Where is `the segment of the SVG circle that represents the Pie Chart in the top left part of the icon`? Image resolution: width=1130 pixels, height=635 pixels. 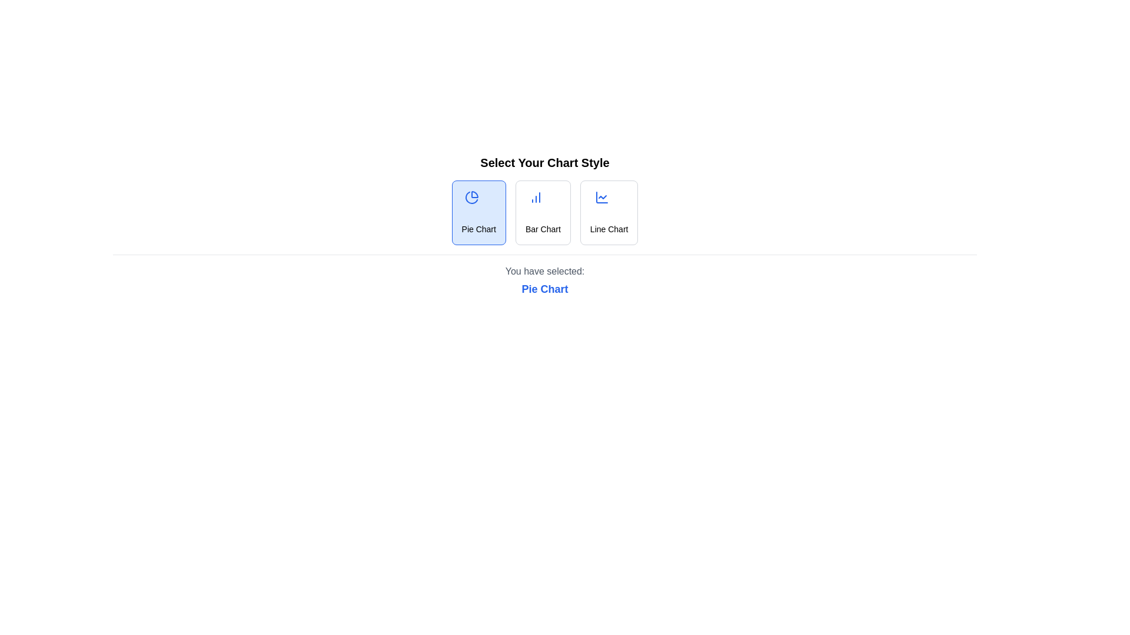 the segment of the SVG circle that represents the Pie Chart in the top left part of the icon is located at coordinates (471, 197).